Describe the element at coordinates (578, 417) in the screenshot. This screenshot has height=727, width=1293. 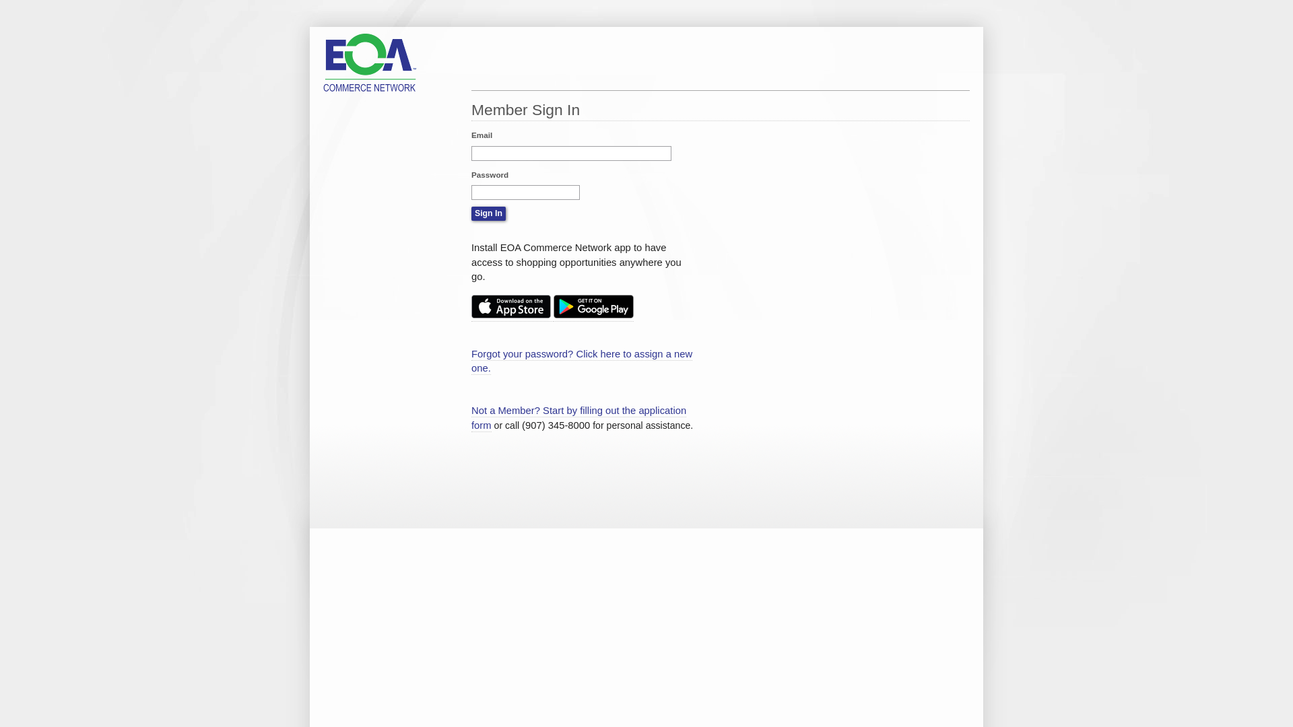
I see `'Not a Member? Start by filling out the application form'` at that location.